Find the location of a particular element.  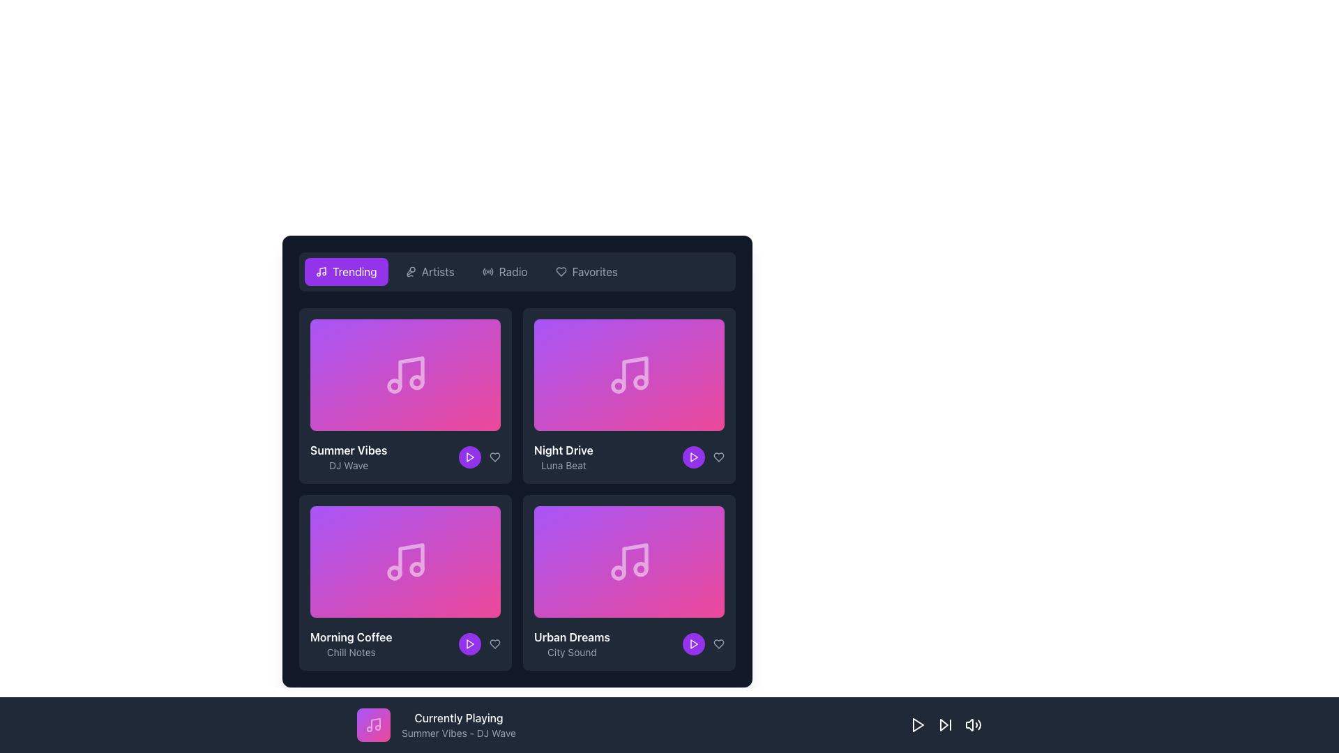

the text element that reads 'Night Drive' in bold white font and 'Luna Beat' in smaller light-gray font, located in the second item of the top row of the grid layout is located at coordinates (563, 457).